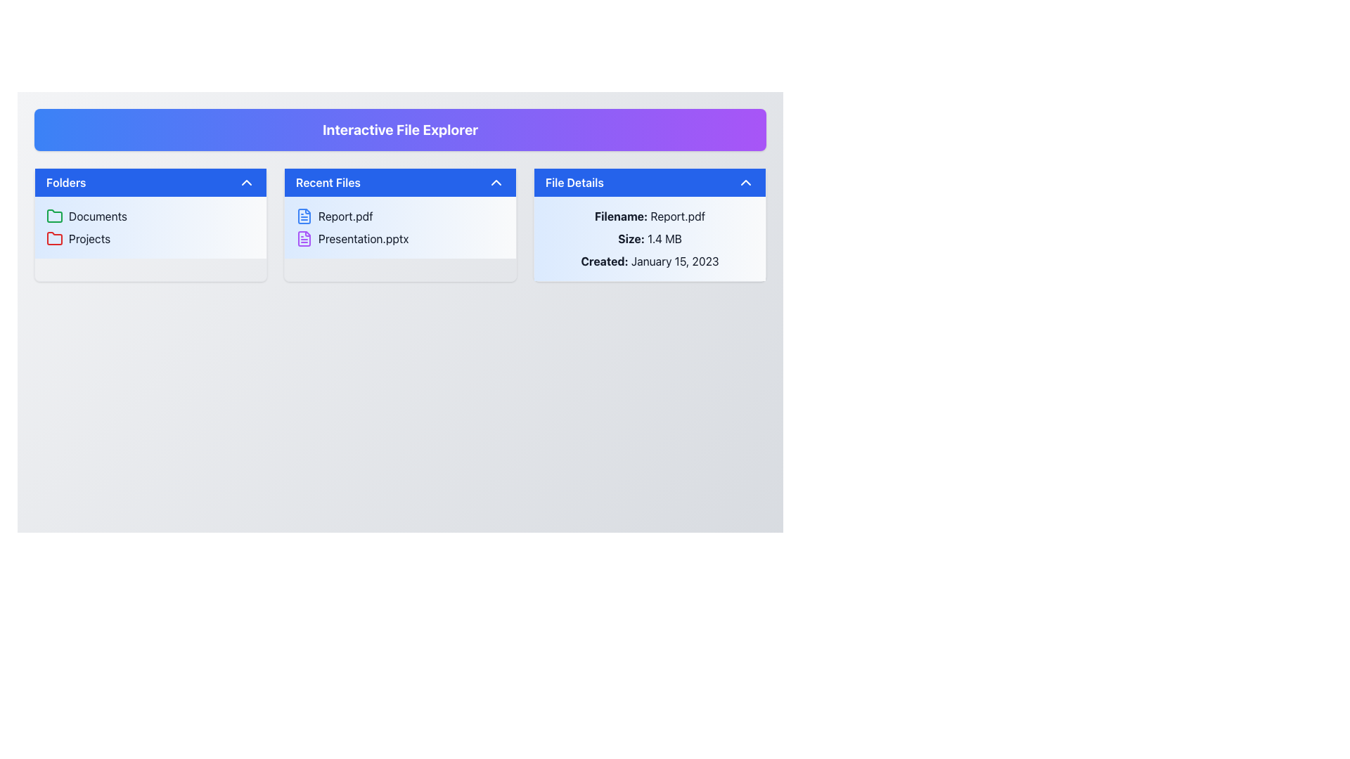 This screenshot has width=1350, height=759. Describe the element at coordinates (649, 261) in the screenshot. I see `the text display that shows 'Created: January 15, 2023' in the 'File Details' section, positioned below 'Size: 1.4 MB'` at that location.